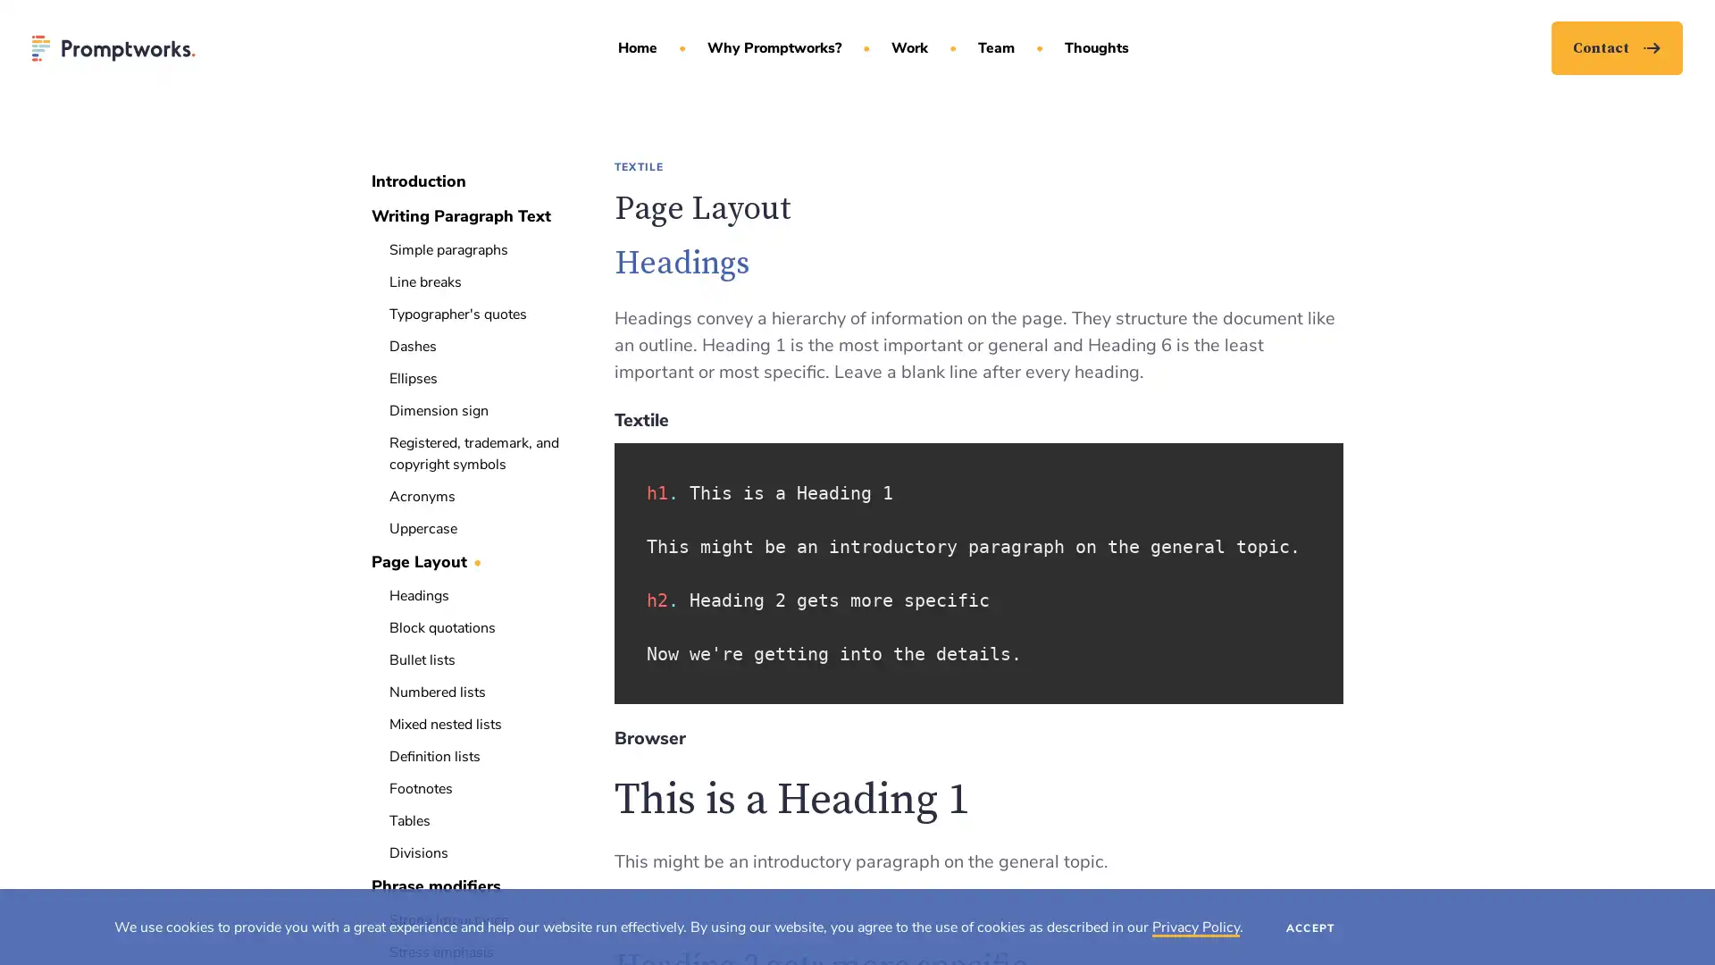 This screenshot has width=1715, height=965. Describe the element at coordinates (1310, 926) in the screenshot. I see `ACCEPT` at that location.